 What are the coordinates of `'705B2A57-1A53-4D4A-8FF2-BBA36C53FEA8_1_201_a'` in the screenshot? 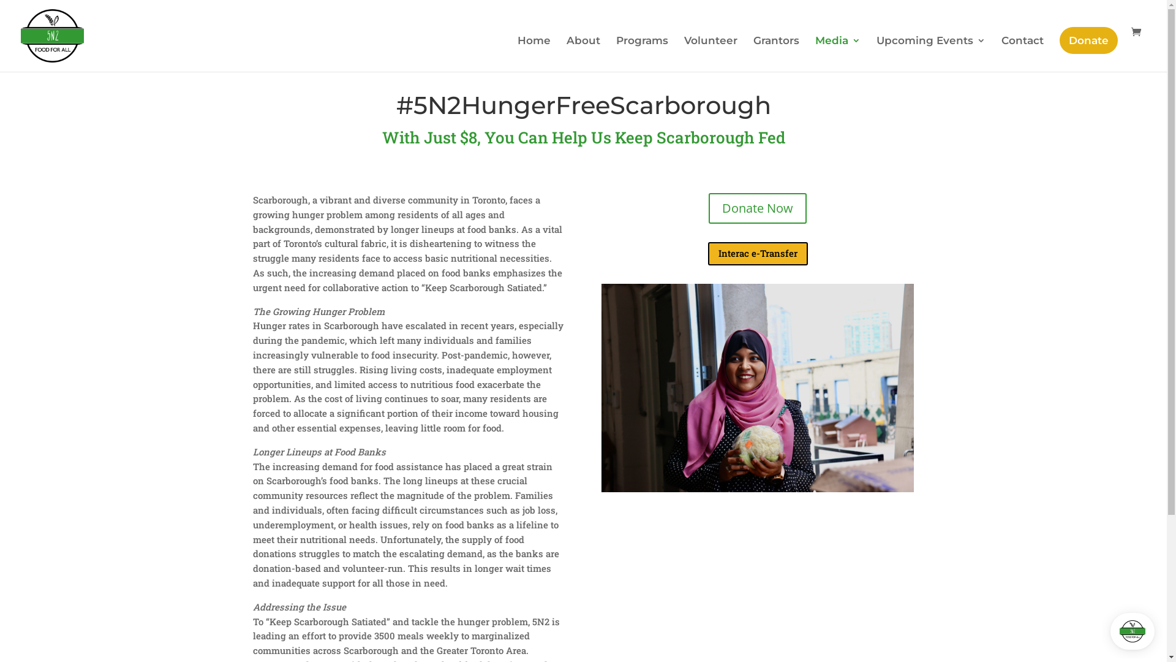 It's located at (757, 387).